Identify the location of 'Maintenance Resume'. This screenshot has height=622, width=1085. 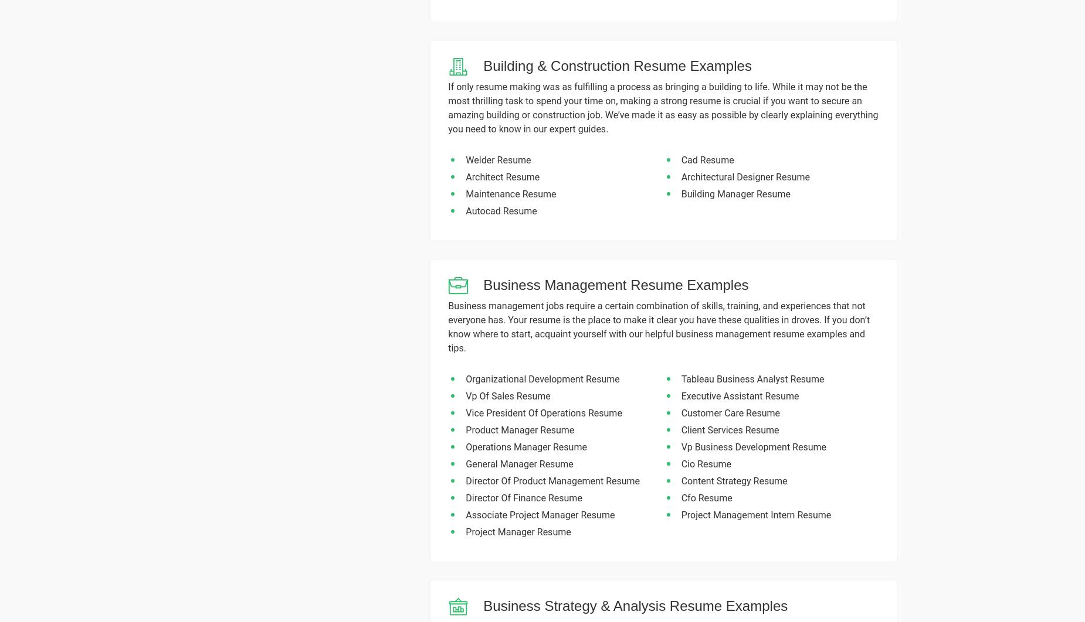
(510, 193).